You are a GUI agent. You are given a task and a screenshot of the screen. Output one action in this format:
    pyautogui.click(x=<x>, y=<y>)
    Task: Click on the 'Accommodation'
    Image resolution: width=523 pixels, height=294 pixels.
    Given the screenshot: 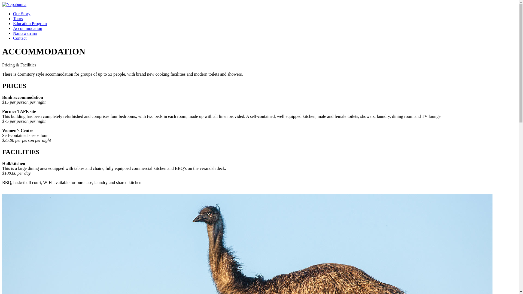 What is the action you would take?
    pyautogui.click(x=13, y=28)
    